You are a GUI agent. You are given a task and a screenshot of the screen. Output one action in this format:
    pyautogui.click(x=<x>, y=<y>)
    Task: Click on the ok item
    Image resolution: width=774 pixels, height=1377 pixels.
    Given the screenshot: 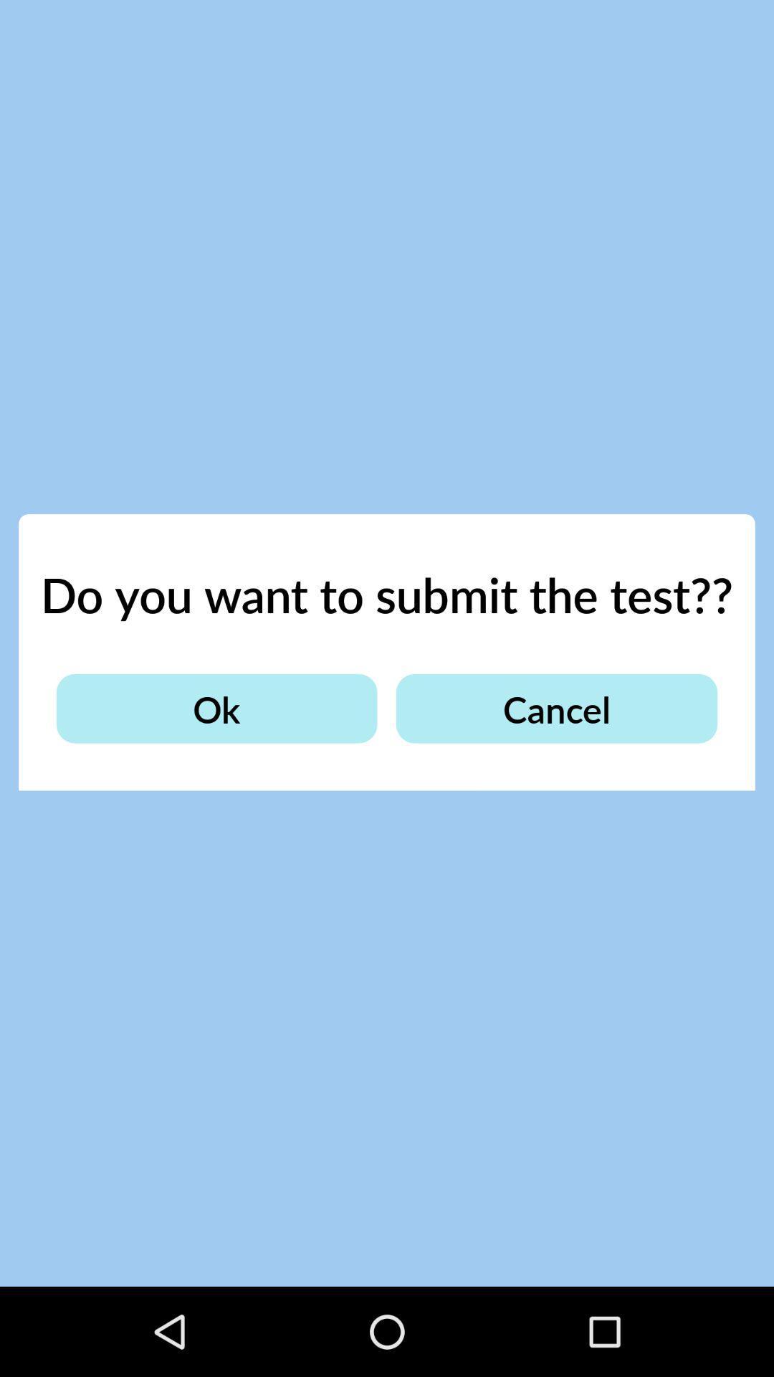 What is the action you would take?
    pyautogui.click(x=216, y=709)
    